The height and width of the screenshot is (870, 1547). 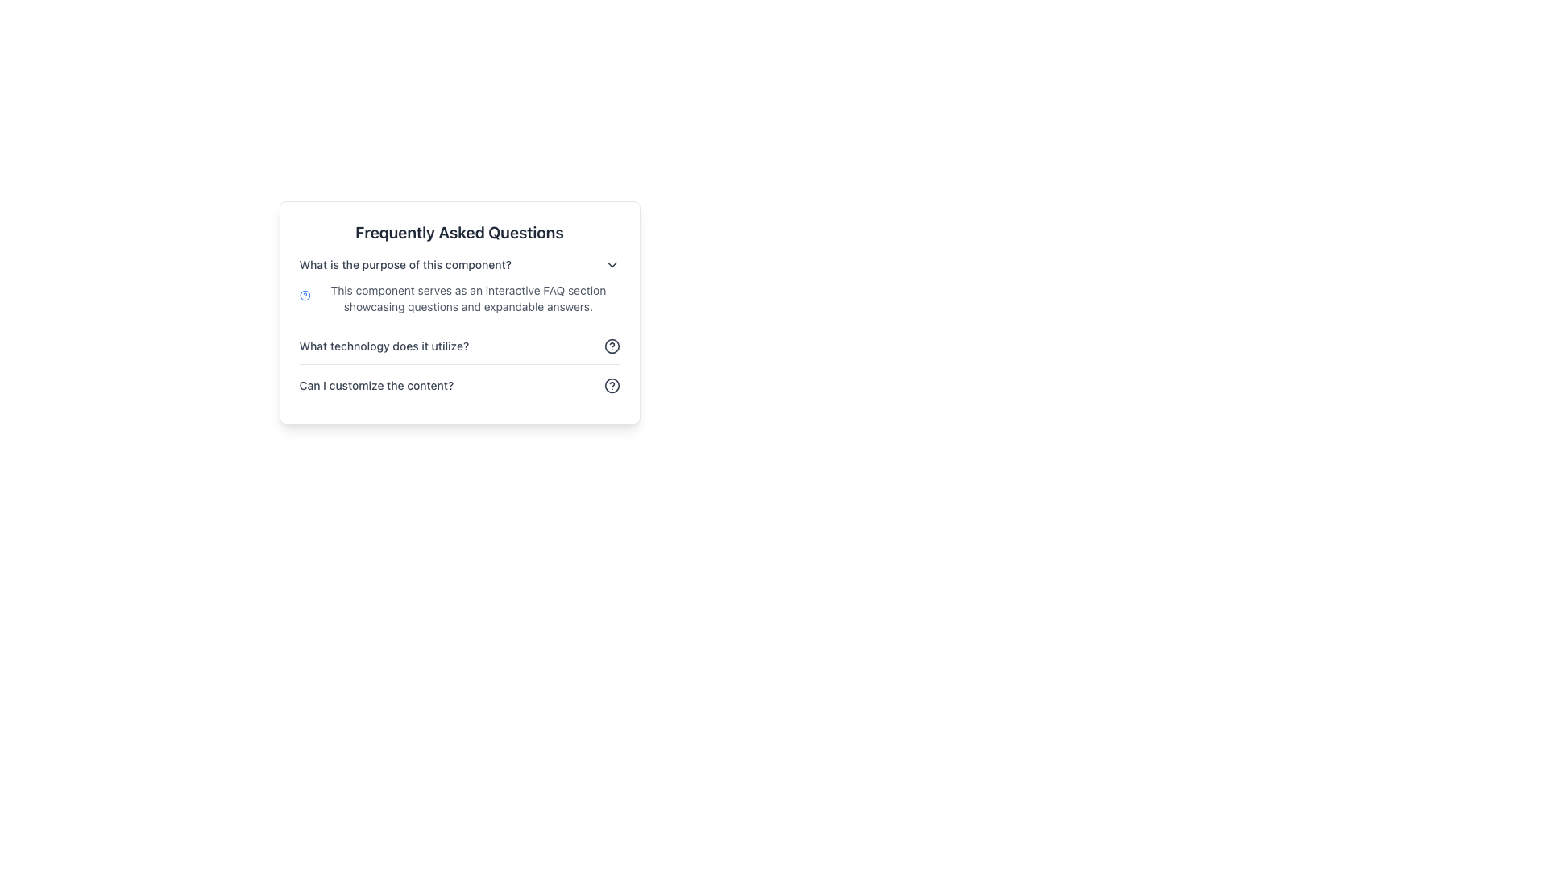 I want to click on the dropdown indicator icon located at the far-right of the FAQ entry titled 'What is the purpose of this component?' to possibly highlight it, so click(x=611, y=263).